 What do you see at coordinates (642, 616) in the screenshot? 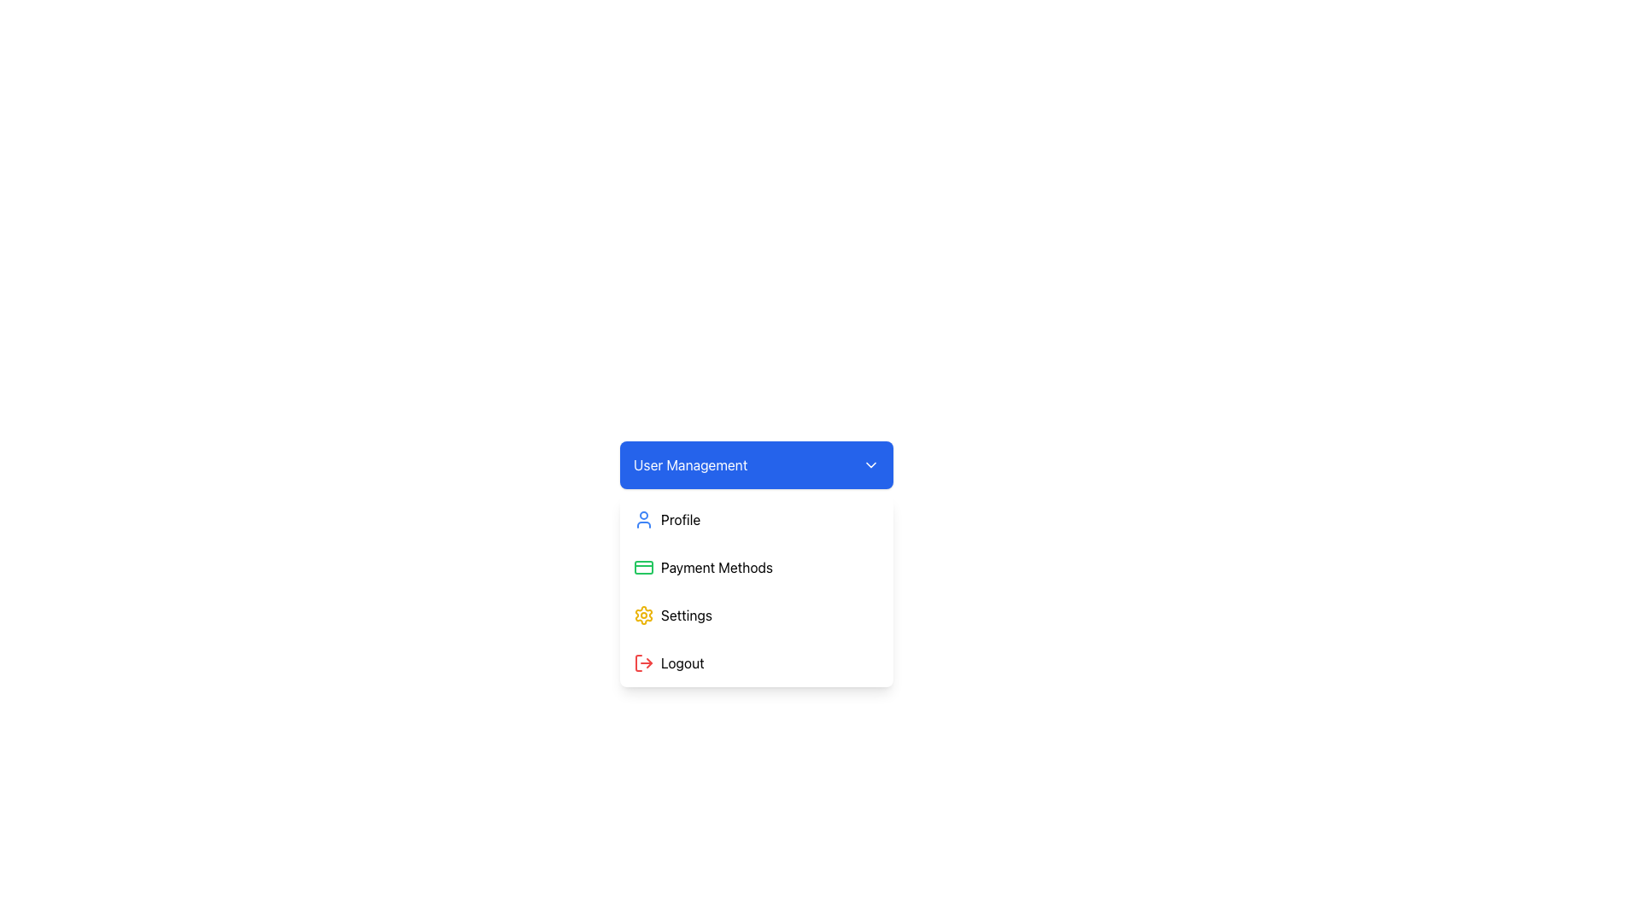
I see `the yellow gear icon located on the left side of the 'Settings' text label in the dropdown menu` at bounding box center [642, 616].